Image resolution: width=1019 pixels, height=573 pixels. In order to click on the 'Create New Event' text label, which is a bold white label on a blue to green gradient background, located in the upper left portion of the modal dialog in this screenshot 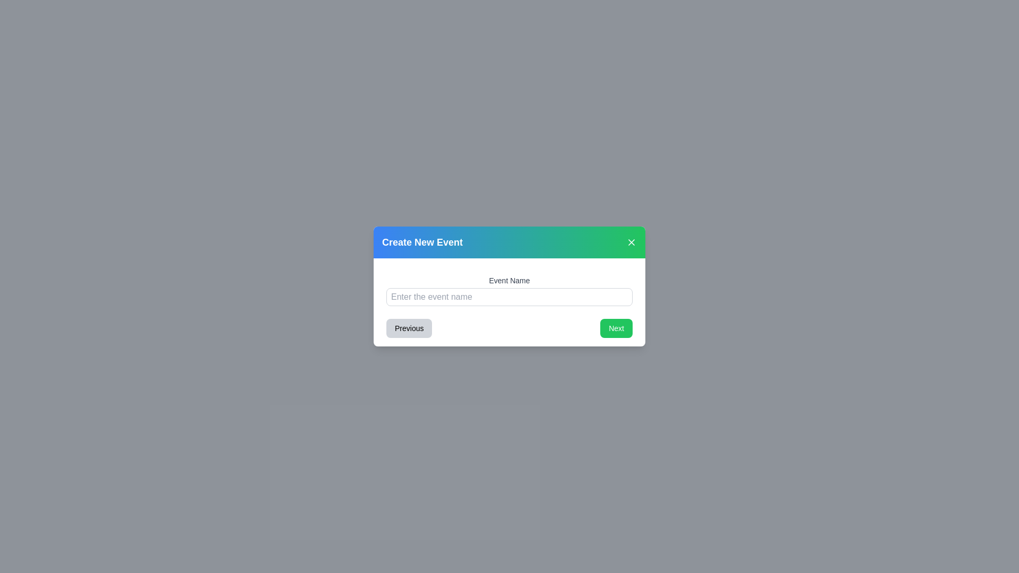, I will do `click(422, 242)`.